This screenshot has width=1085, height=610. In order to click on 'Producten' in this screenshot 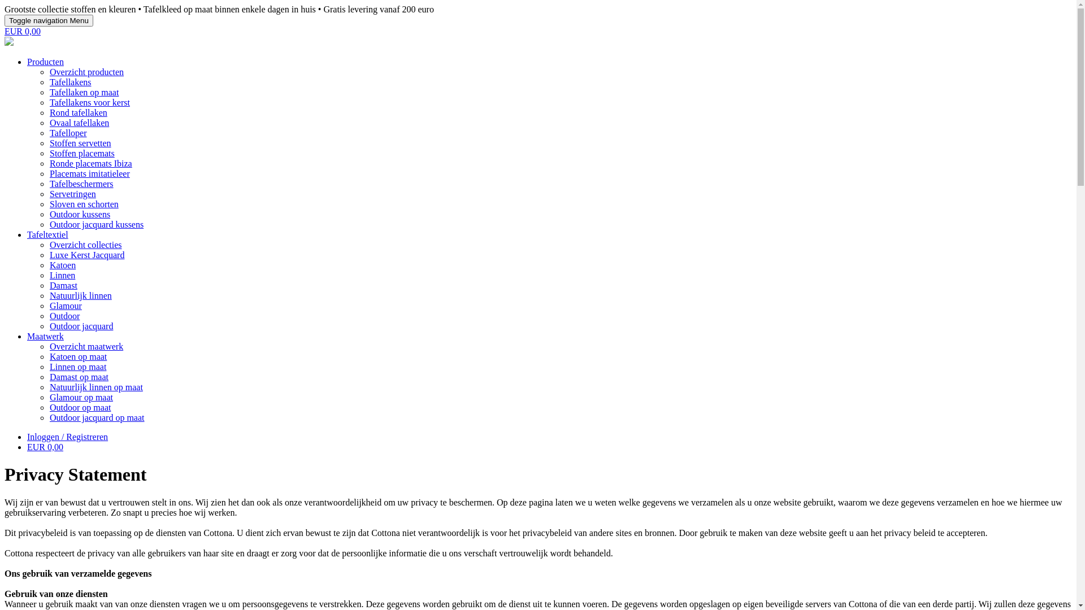, I will do `click(45, 62)`.